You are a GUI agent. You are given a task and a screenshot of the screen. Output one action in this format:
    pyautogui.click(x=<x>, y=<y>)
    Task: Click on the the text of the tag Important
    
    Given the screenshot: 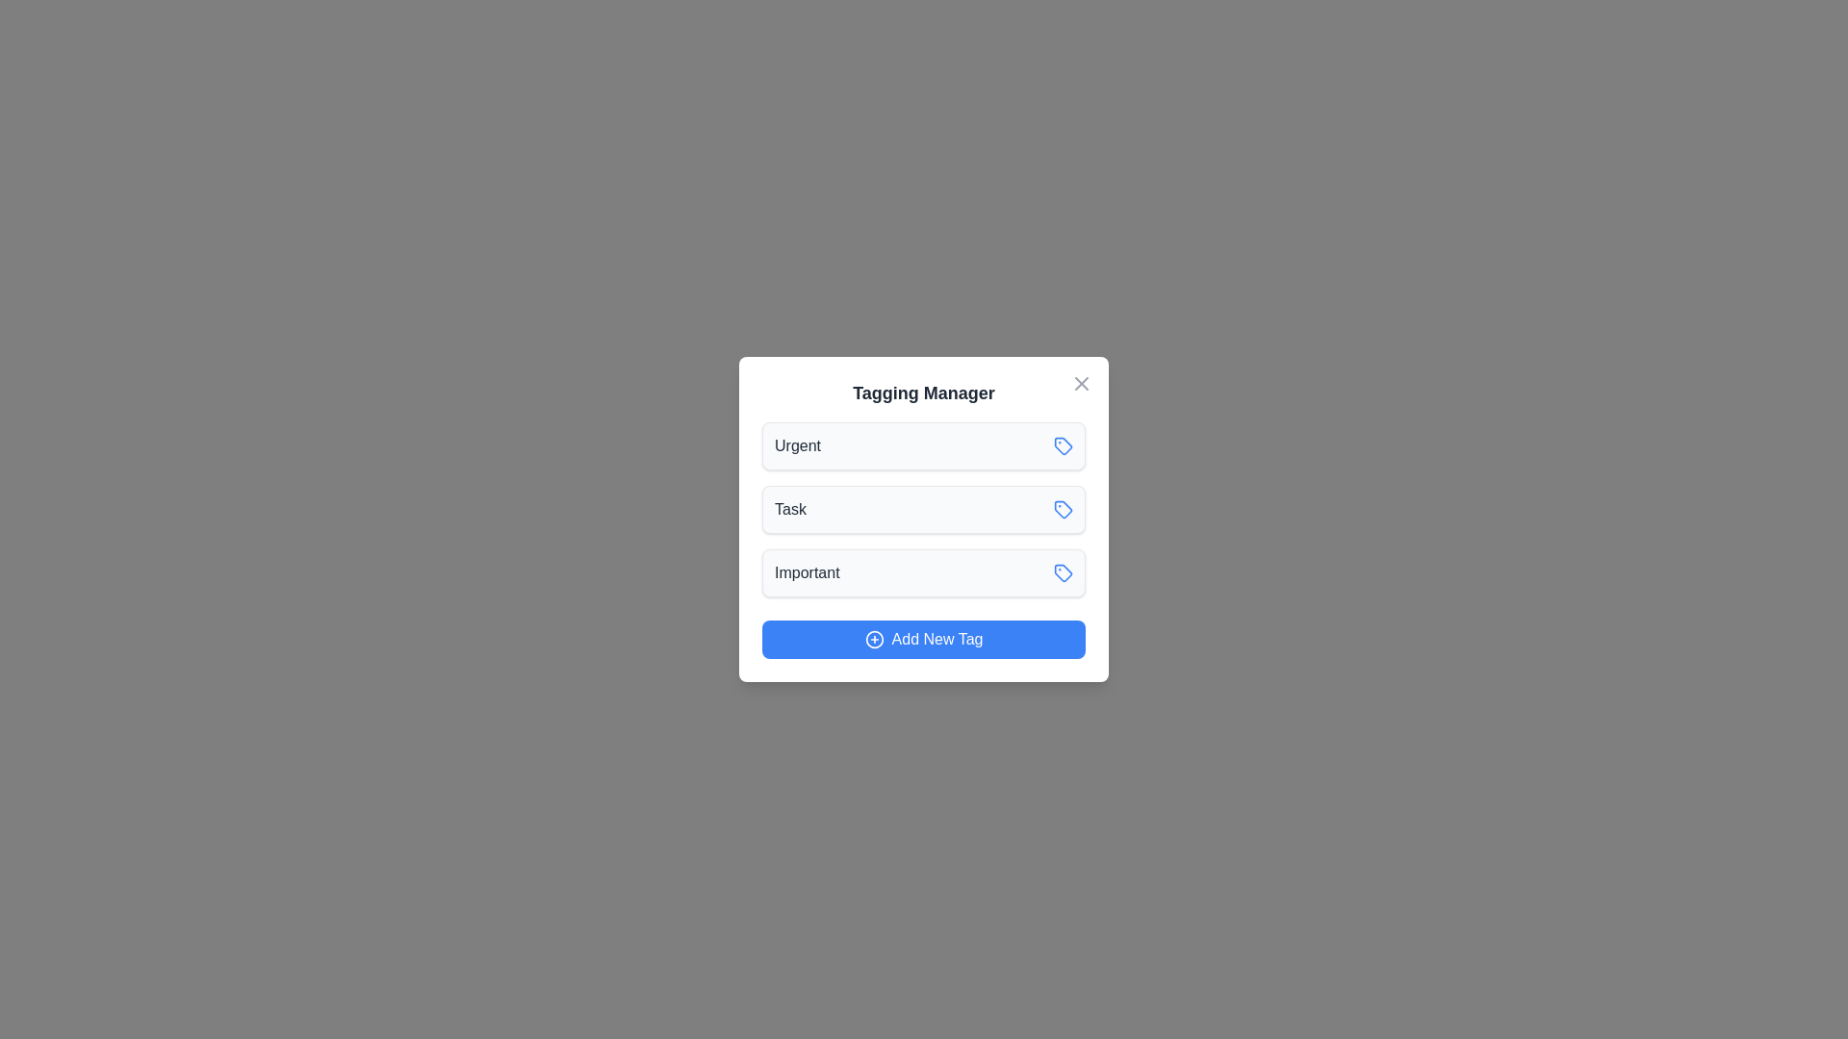 What is the action you would take?
    pyautogui.click(x=807, y=572)
    